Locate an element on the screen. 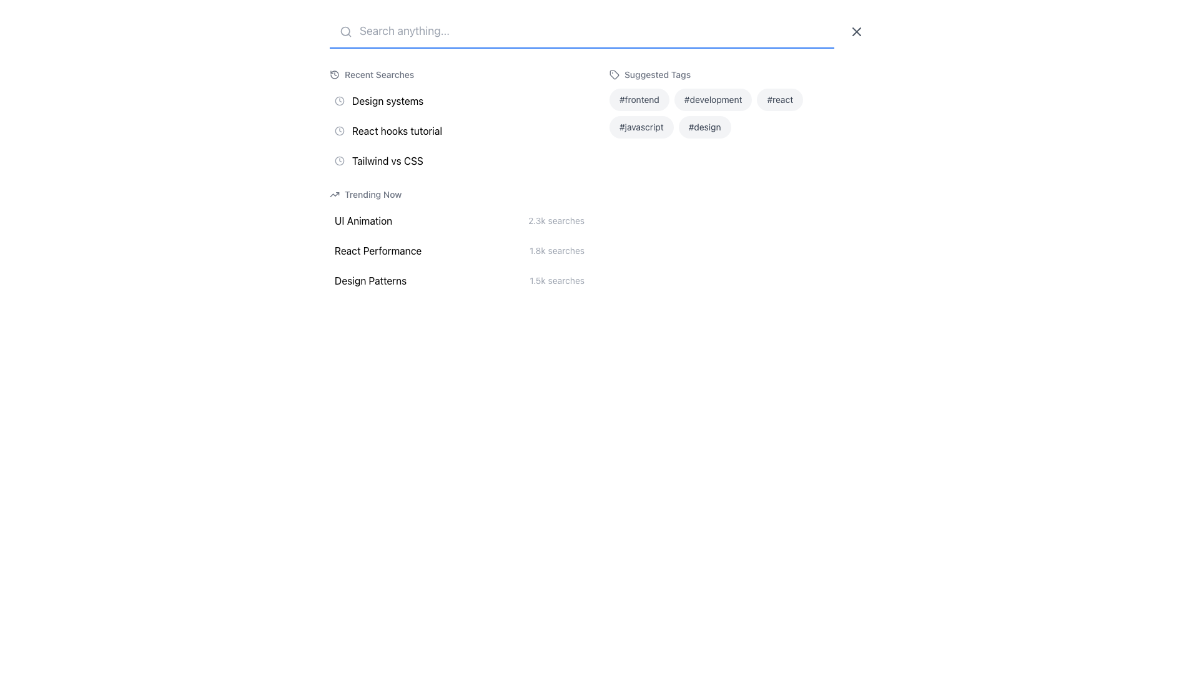  the popularity metric label for the 'Design Patterns' topic located in the lower-right portion of the 'Trending Now' section, to the right of the primary 'Design Patterns' label is located at coordinates (556, 281).